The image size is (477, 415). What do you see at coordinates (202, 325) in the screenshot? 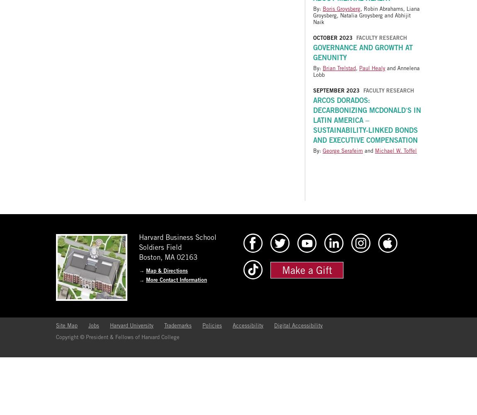
I see `'Policies'` at bounding box center [202, 325].